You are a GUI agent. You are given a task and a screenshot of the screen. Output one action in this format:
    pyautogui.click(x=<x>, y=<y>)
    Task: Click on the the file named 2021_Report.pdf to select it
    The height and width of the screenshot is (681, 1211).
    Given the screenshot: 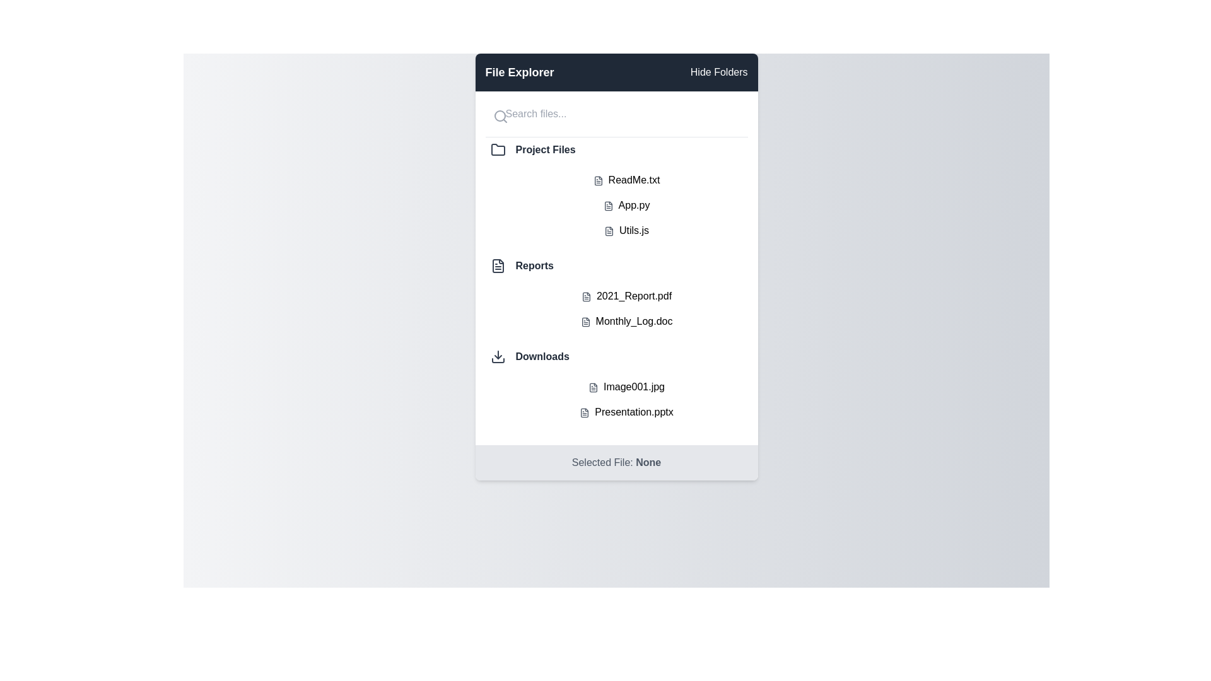 What is the action you would take?
    pyautogui.click(x=626, y=296)
    